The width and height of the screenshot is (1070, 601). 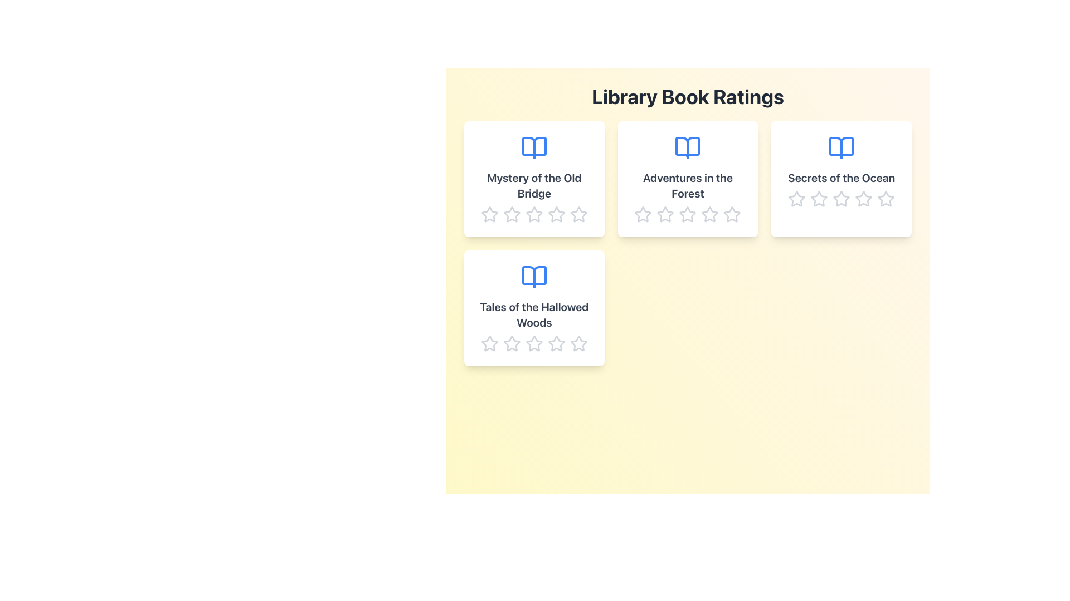 I want to click on the fifth star icon in the rating section under the book titled 'Tales of the Hallowed Woods', so click(x=578, y=343).